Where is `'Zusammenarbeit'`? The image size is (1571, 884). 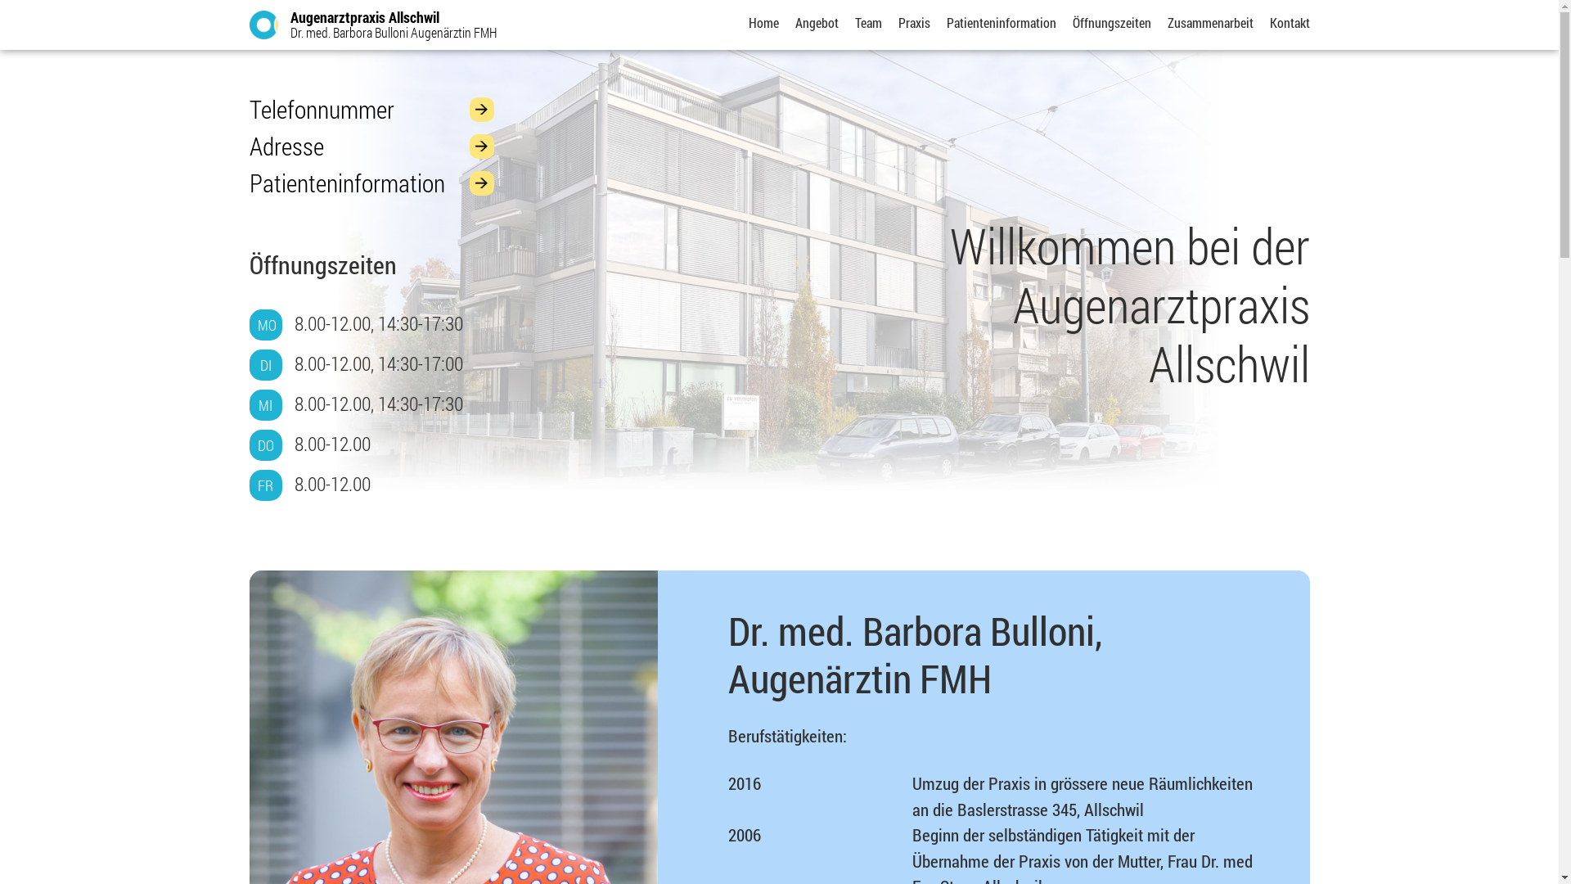
'Zusammenarbeit' is located at coordinates (1209, 22).